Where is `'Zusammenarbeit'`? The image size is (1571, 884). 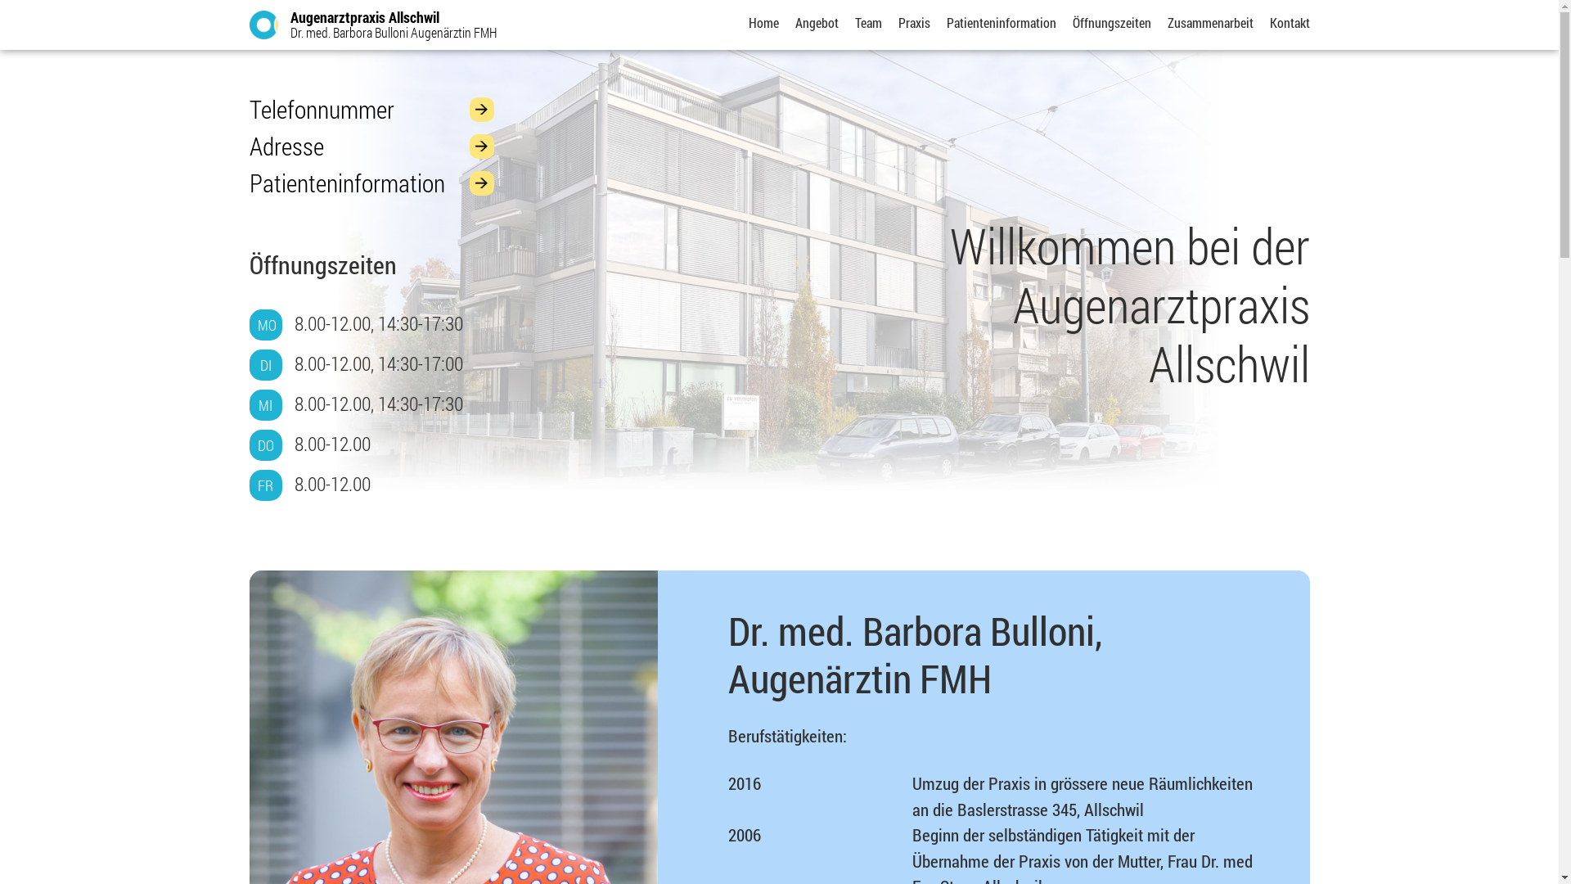
'Zusammenarbeit' is located at coordinates (1209, 22).